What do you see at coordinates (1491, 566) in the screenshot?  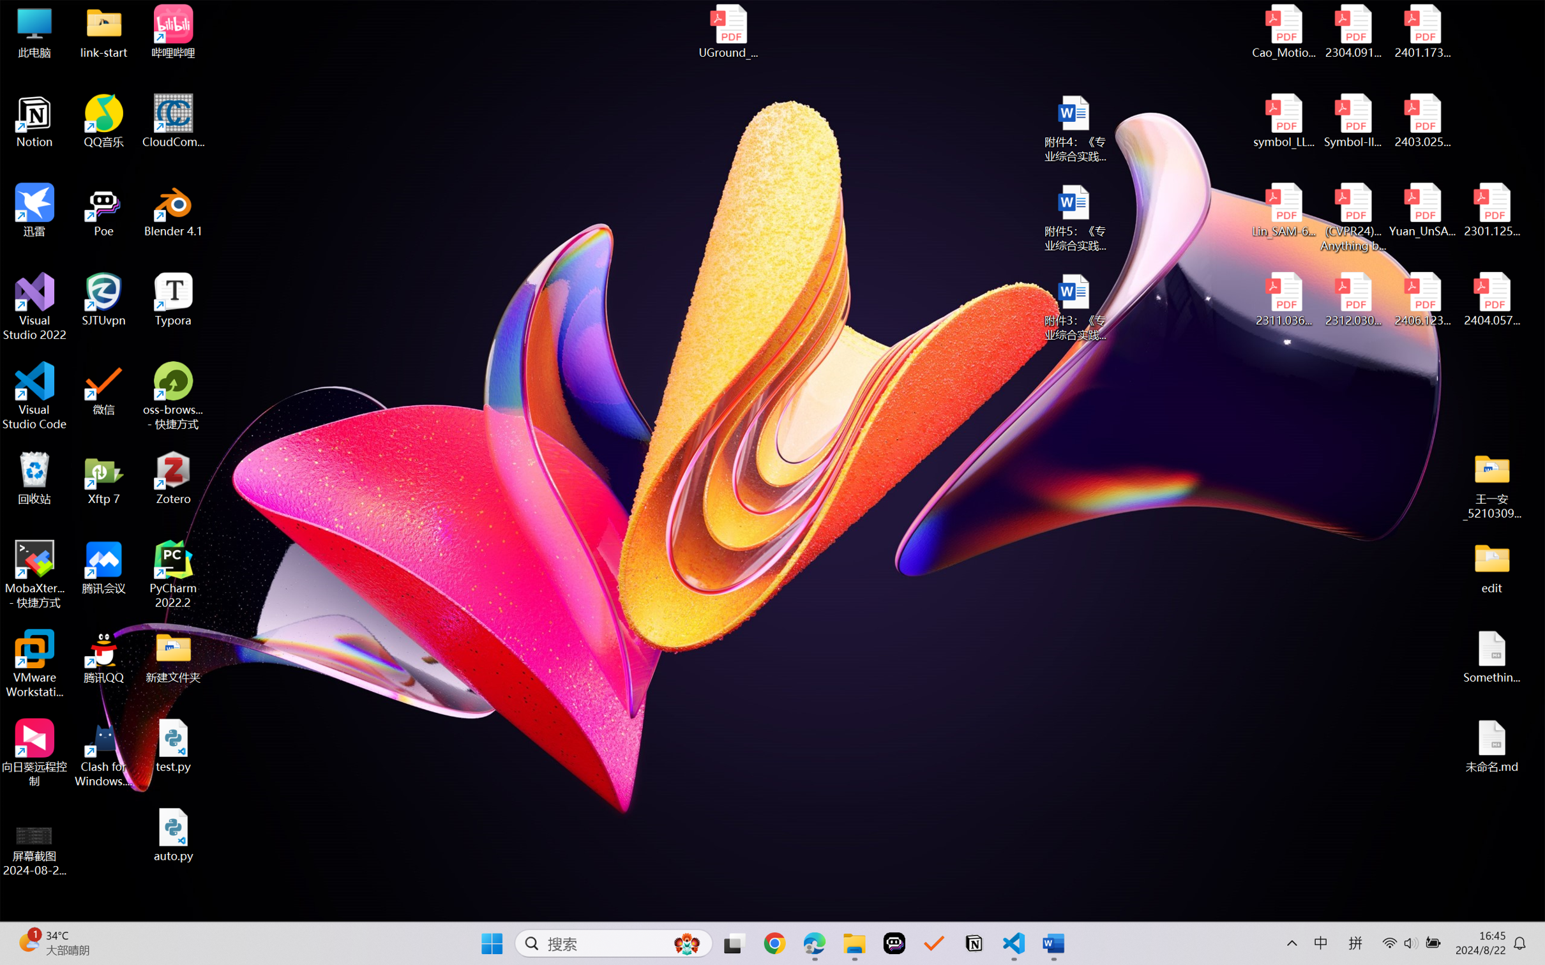 I see `'edit'` at bounding box center [1491, 566].